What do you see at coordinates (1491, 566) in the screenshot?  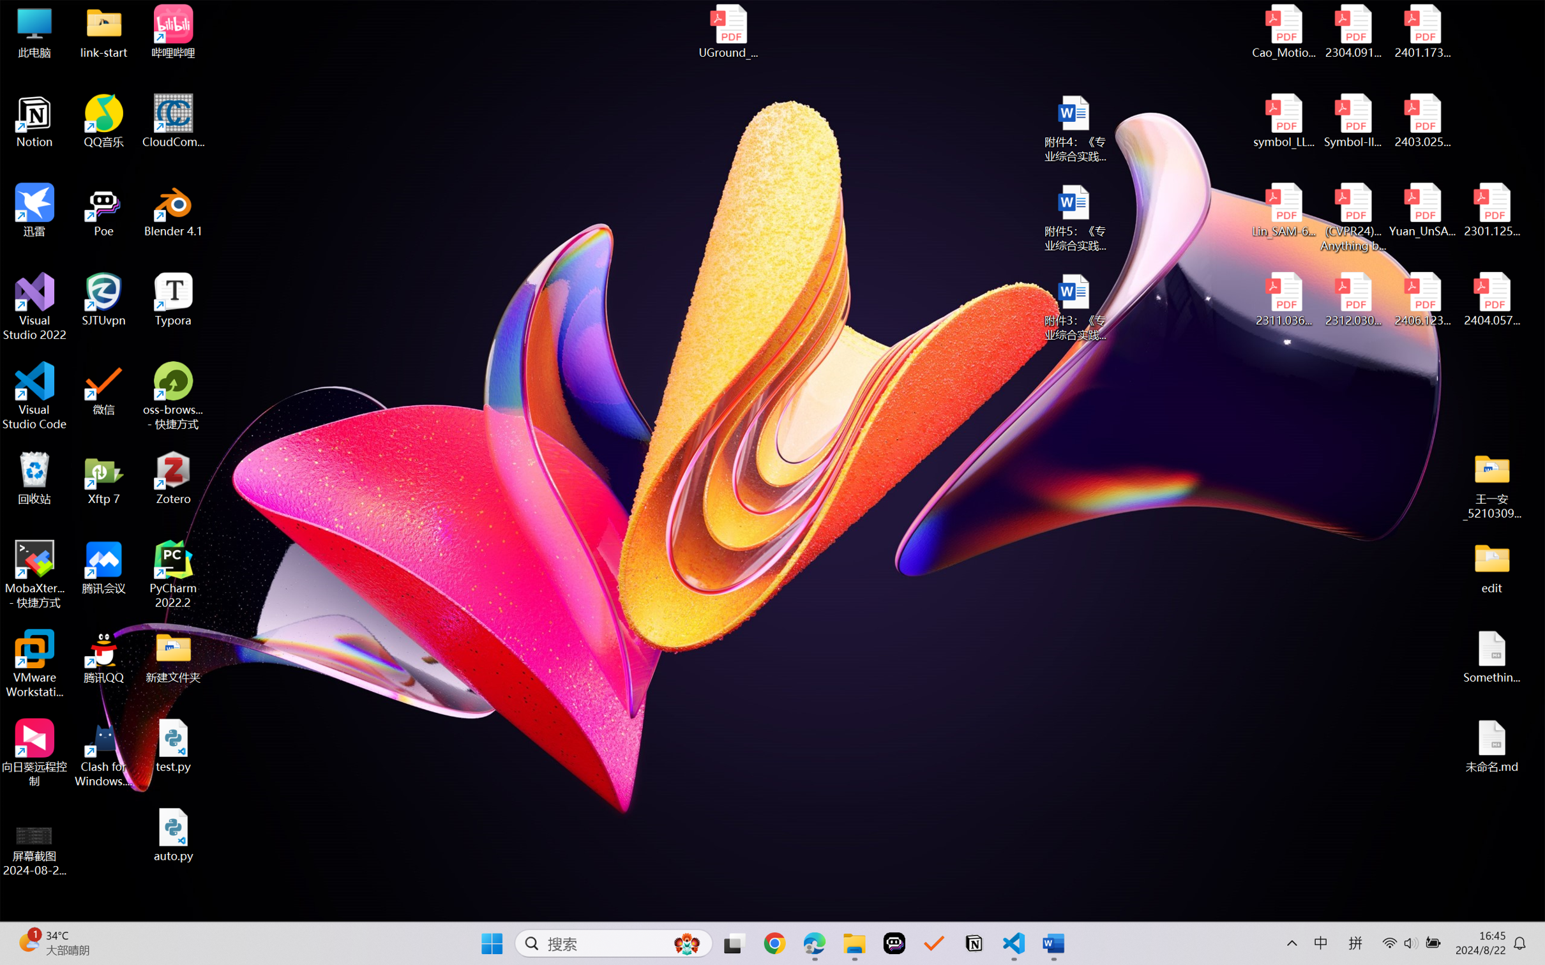 I see `'edit'` at bounding box center [1491, 566].